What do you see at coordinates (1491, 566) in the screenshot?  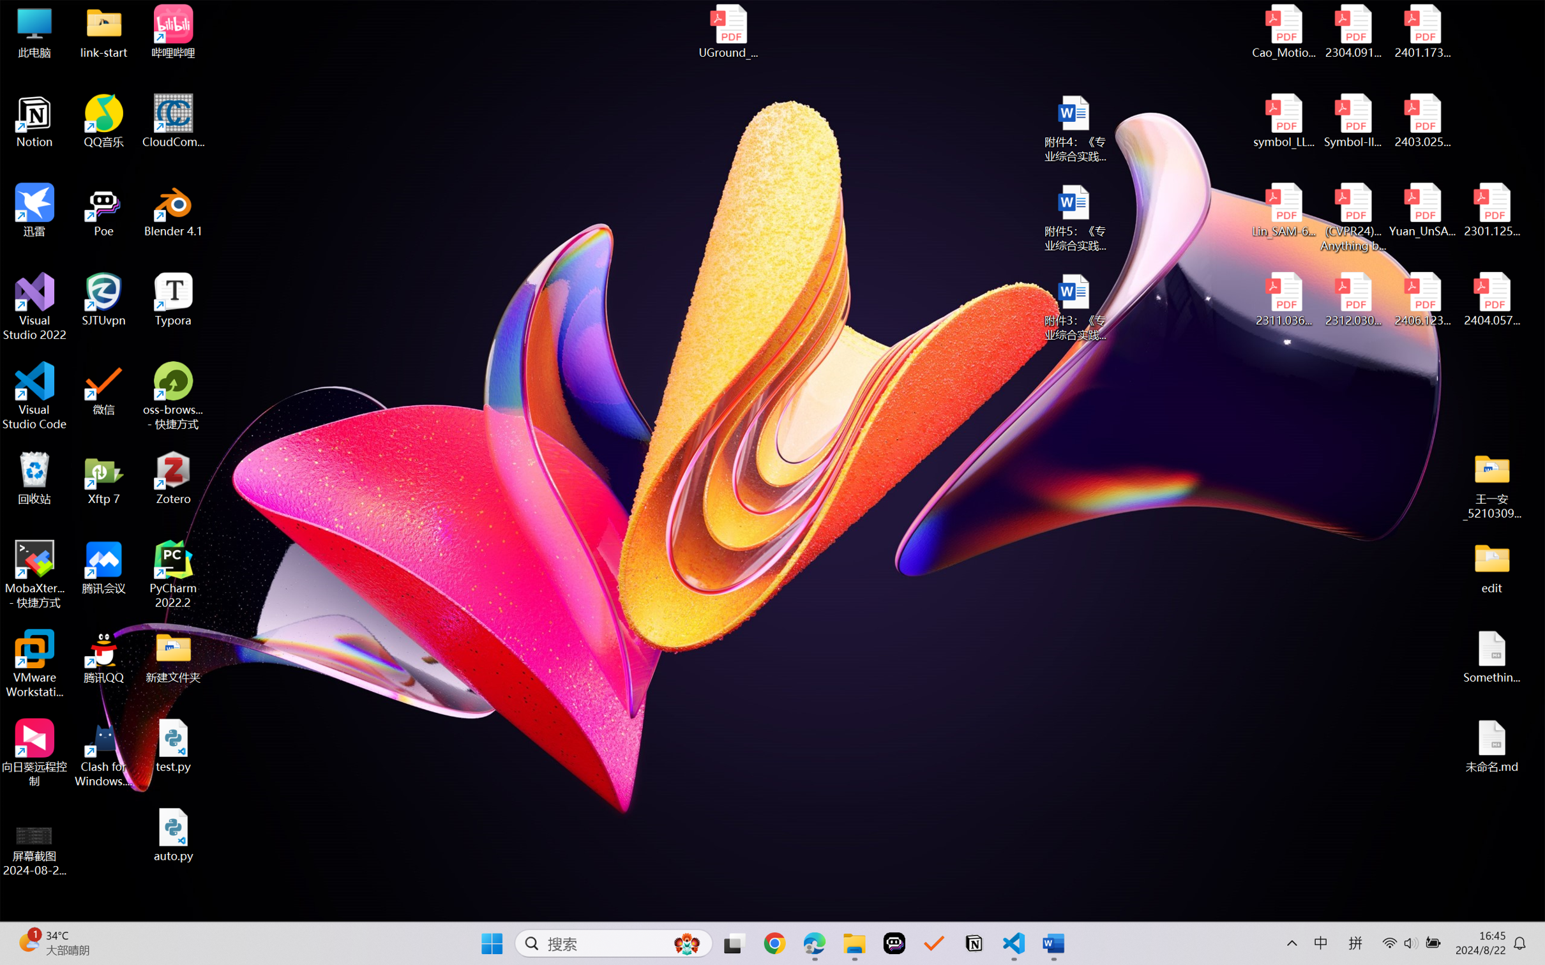 I see `'edit'` at bounding box center [1491, 566].